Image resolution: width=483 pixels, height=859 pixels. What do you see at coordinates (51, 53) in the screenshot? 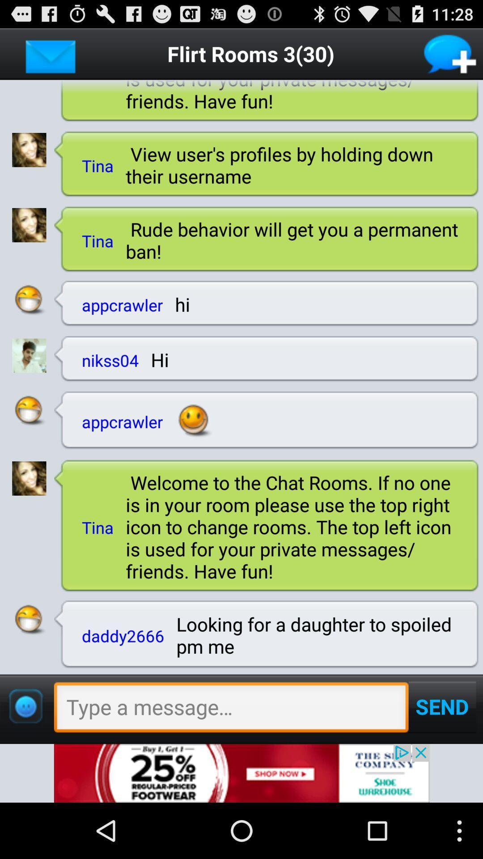
I see `open inbox` at bounding box center [51, 53].